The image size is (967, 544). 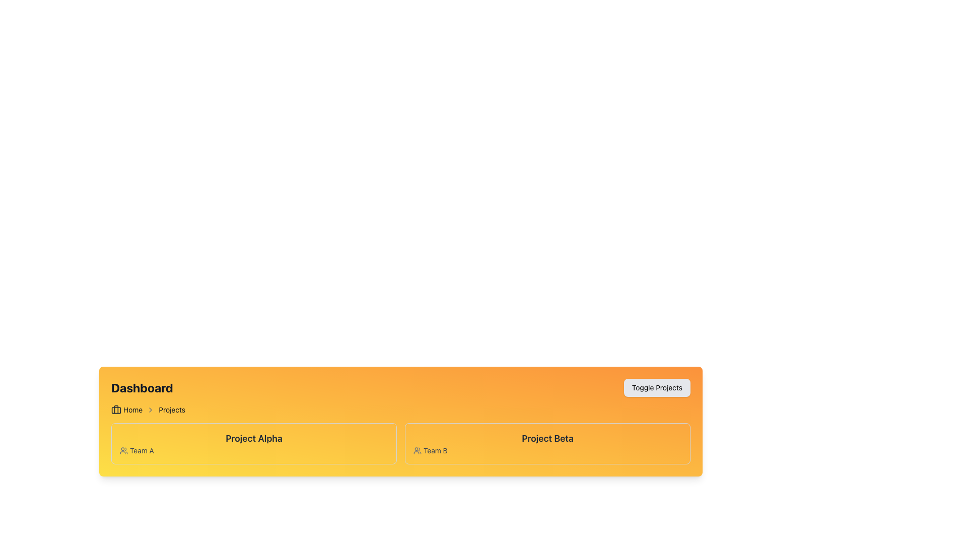 What do you see at coordinates (116, 410) in the screenshot?
I see `the small briefcase icon located at the beginning of the breadcrumb navigation bar under the 'Dashboard' heading, positioned to the left of the 'Home' label` at bounding box center [116, 410].